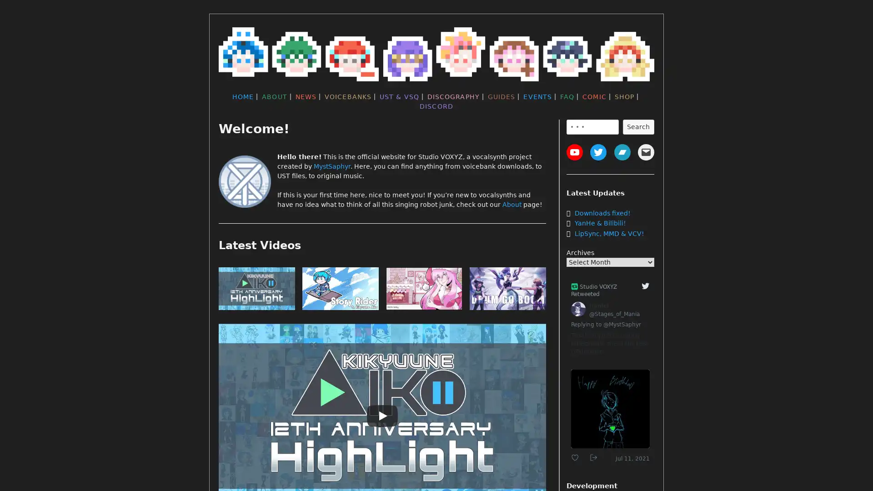 The image size is (873, 491). What do you see at coordinates (256, 291) in the screenshot?
I see `play` at bounding box center [256, 291].